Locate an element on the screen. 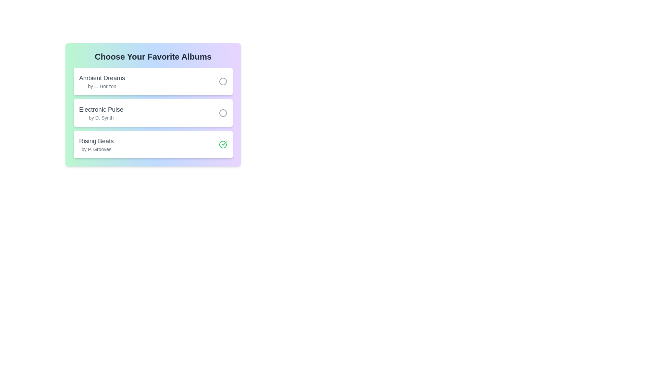 The height and width of the screenshot is (370, 658). the album Ambient Dreams is located at coordinates (223, 81).